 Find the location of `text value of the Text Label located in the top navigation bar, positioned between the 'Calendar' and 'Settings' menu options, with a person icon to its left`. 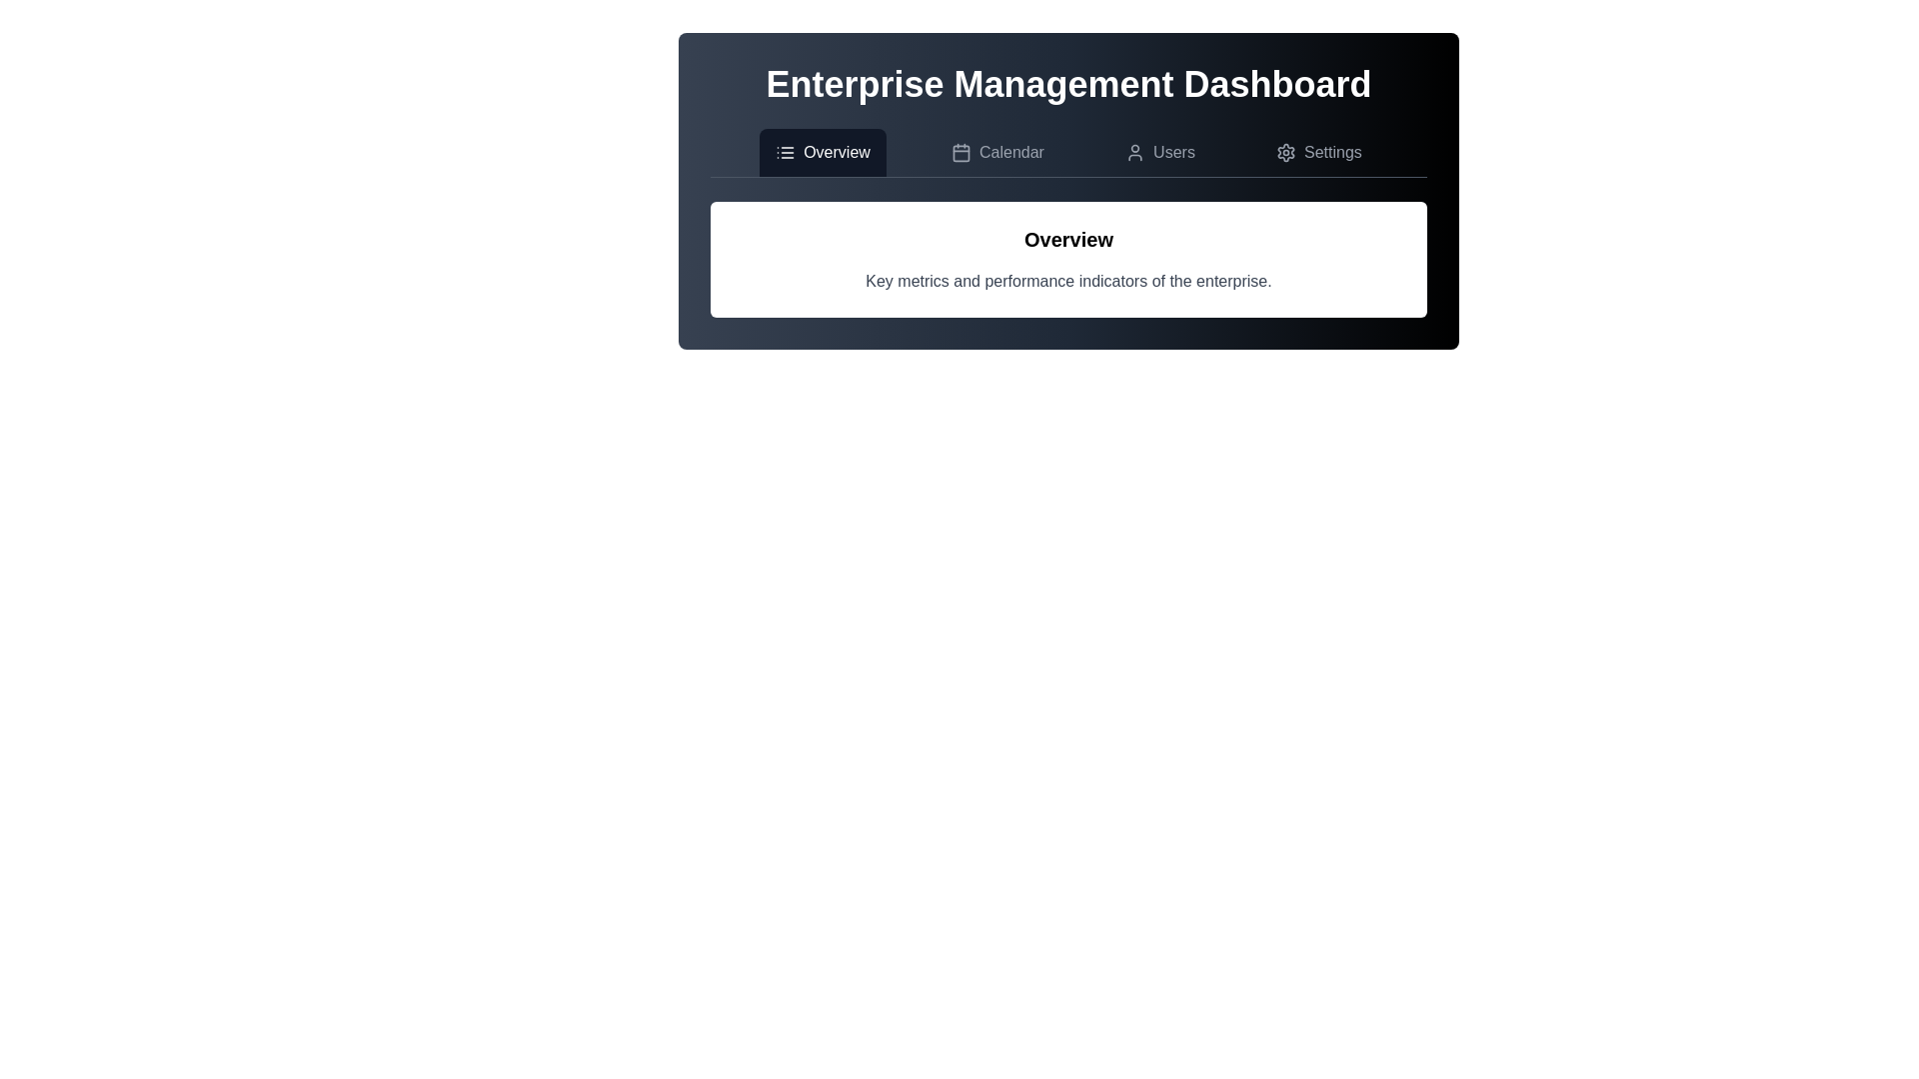

text value of the Text Label located in the top navigation bar, positioned between the 'Calendar' and 'Settings' menu options, with a person icon to its left is located at coordinates (1174, 152).